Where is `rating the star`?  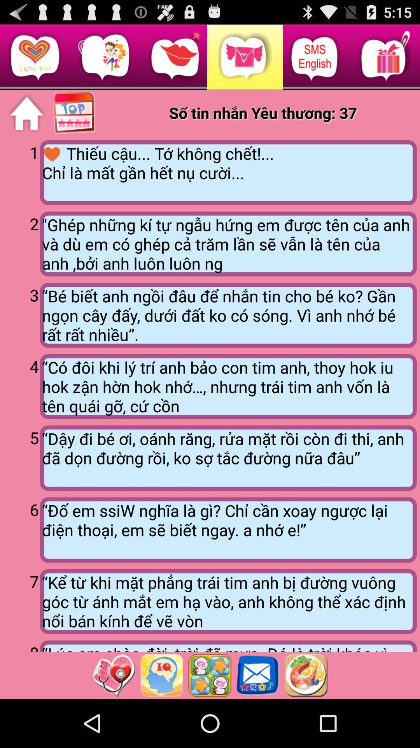 rating the star is located at coordinates (209, 675).